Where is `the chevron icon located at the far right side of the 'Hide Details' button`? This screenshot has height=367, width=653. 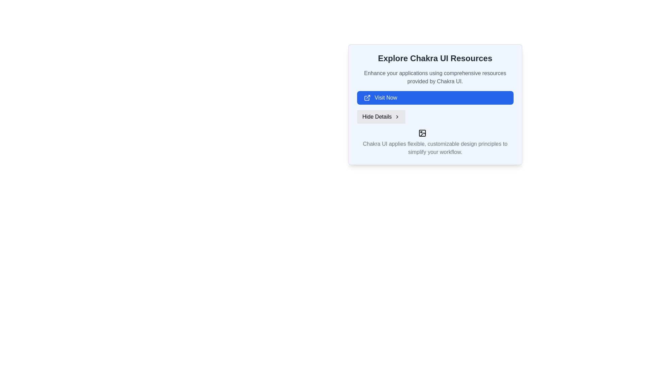 the chevron icon located at the far right side of the 'Hide Details' button is located at coordinates (397, 116).